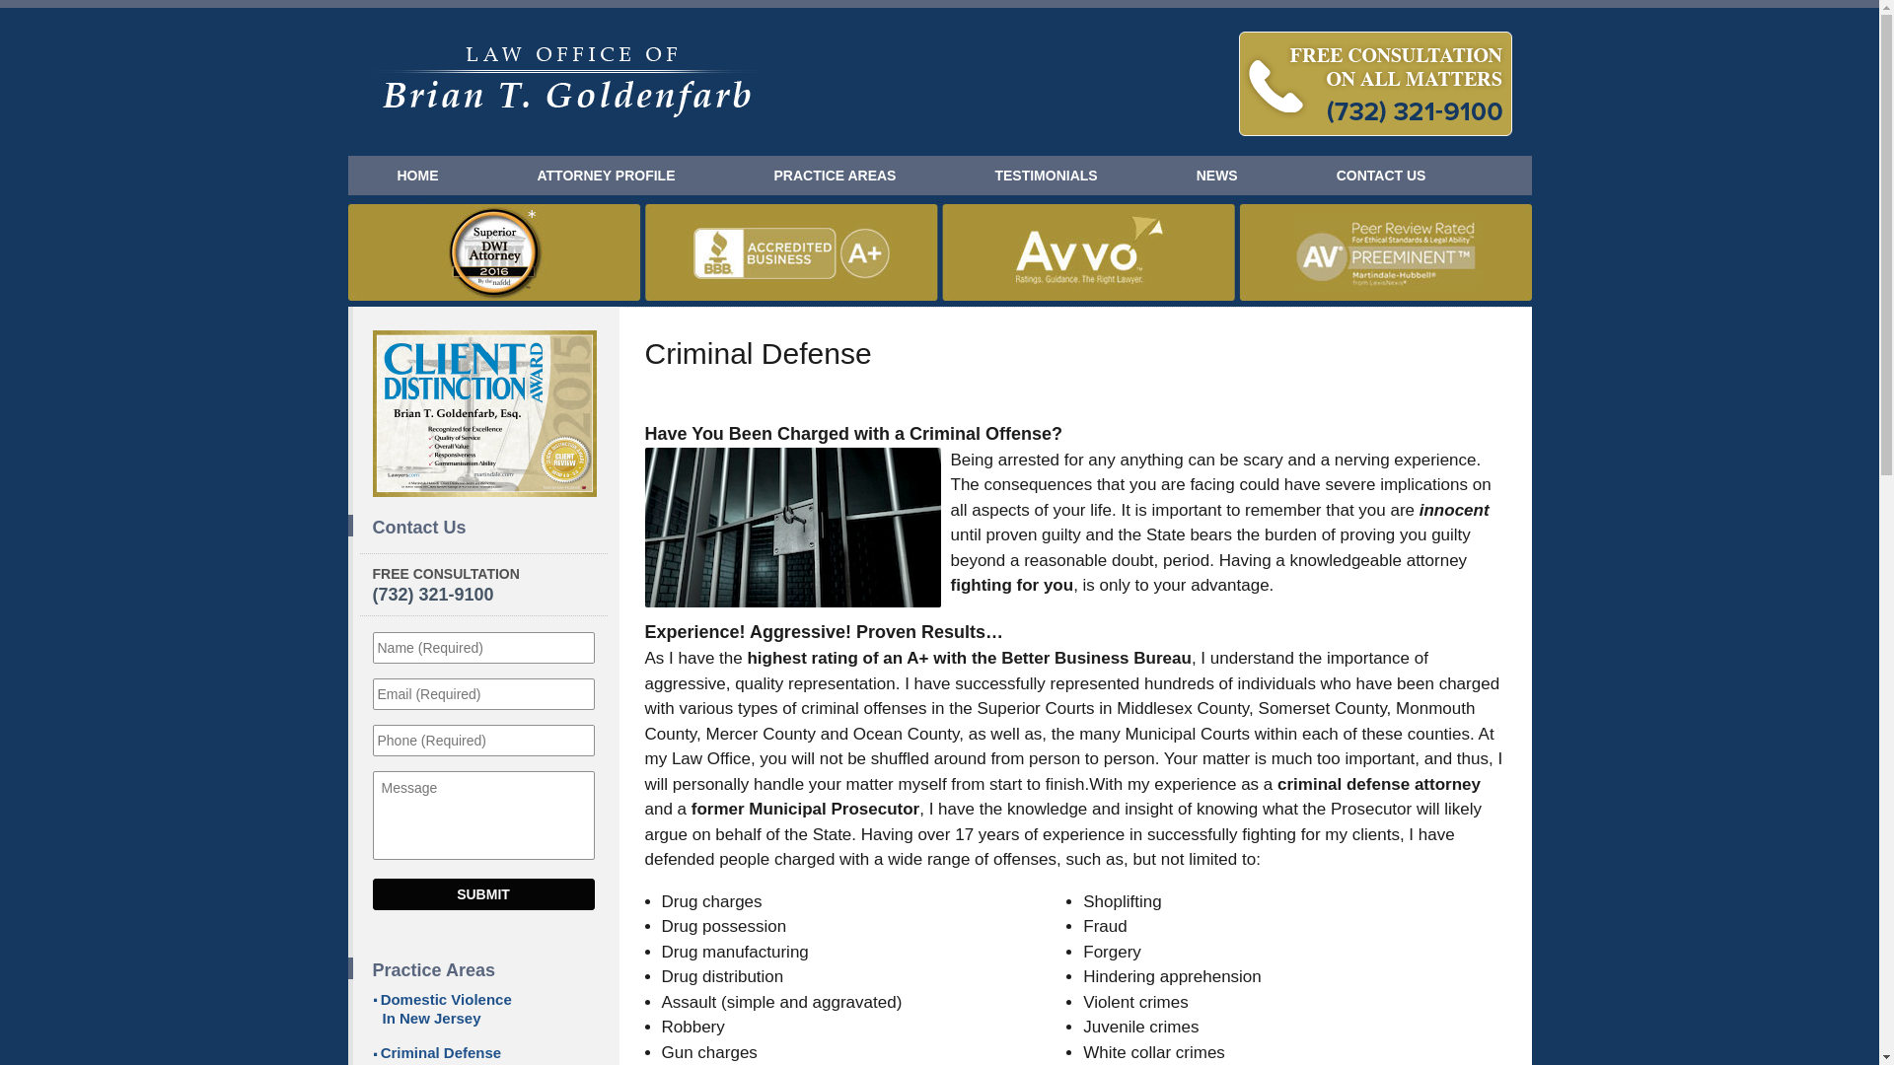 Image resolution: width=1894 pixels, height=1065 pixels. Describe the element at coordinates (1146, 174) in the screenshot. I see `'NEWS'` at that location.